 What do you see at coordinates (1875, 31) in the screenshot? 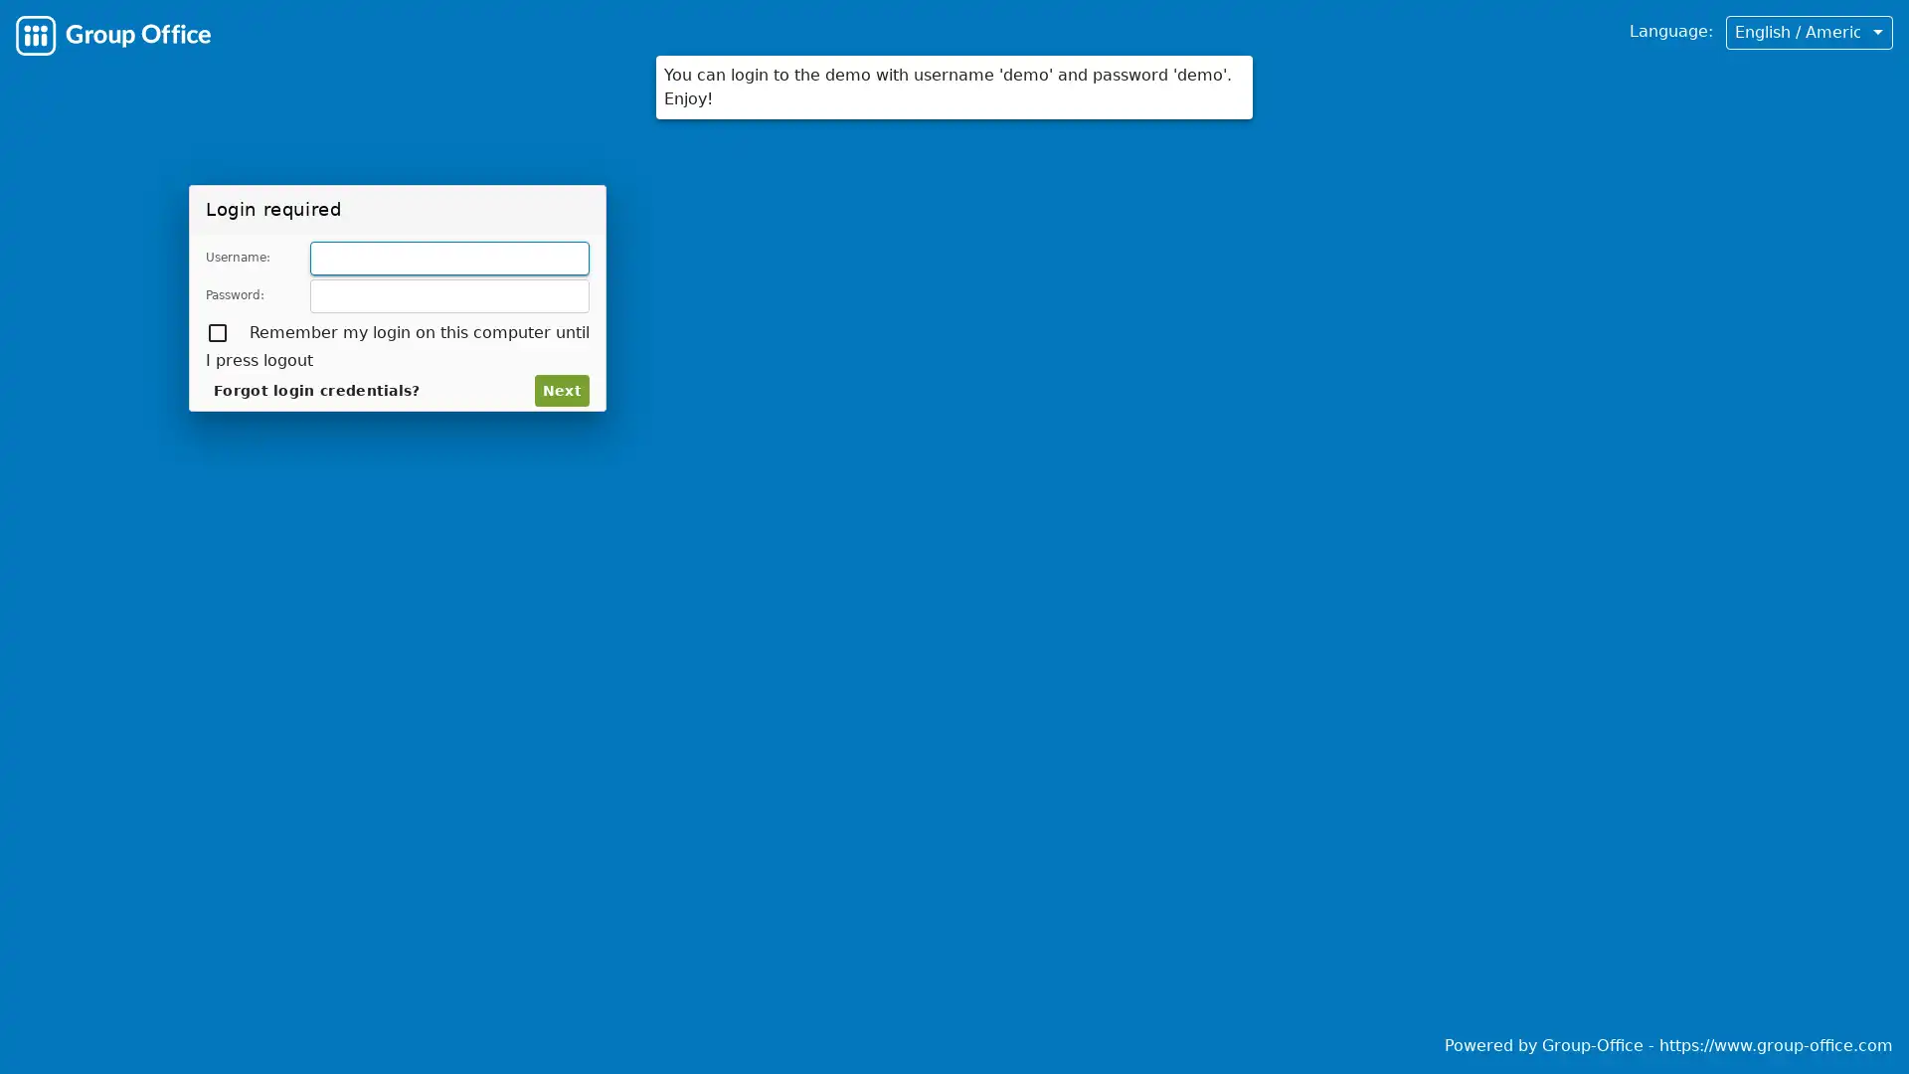
I see `arrow_drop_down` at bounding box center [1875, 31].